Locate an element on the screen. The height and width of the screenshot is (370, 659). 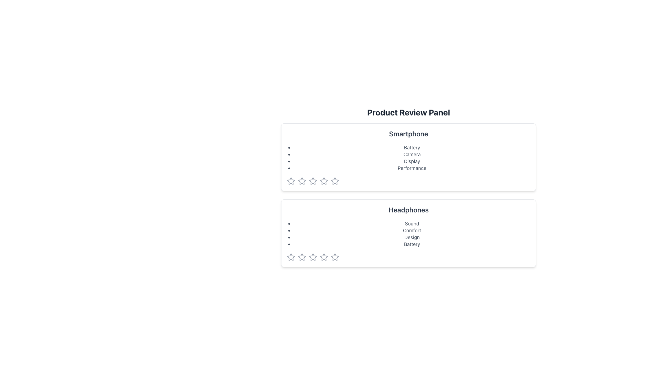
the leftmost star icon in the rating system beneath the 'Headphones' section is located at coordinates (291, 257).